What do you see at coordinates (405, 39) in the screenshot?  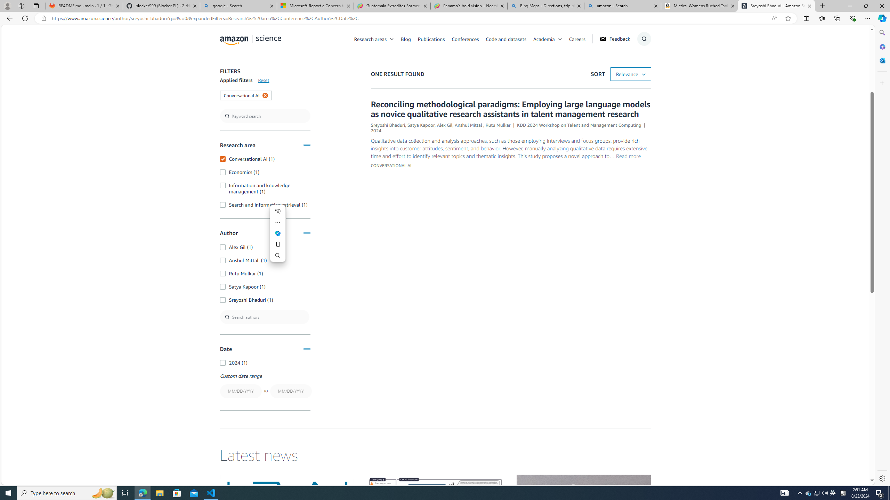 I see `'Blog'` at bounding box center [405, 39].